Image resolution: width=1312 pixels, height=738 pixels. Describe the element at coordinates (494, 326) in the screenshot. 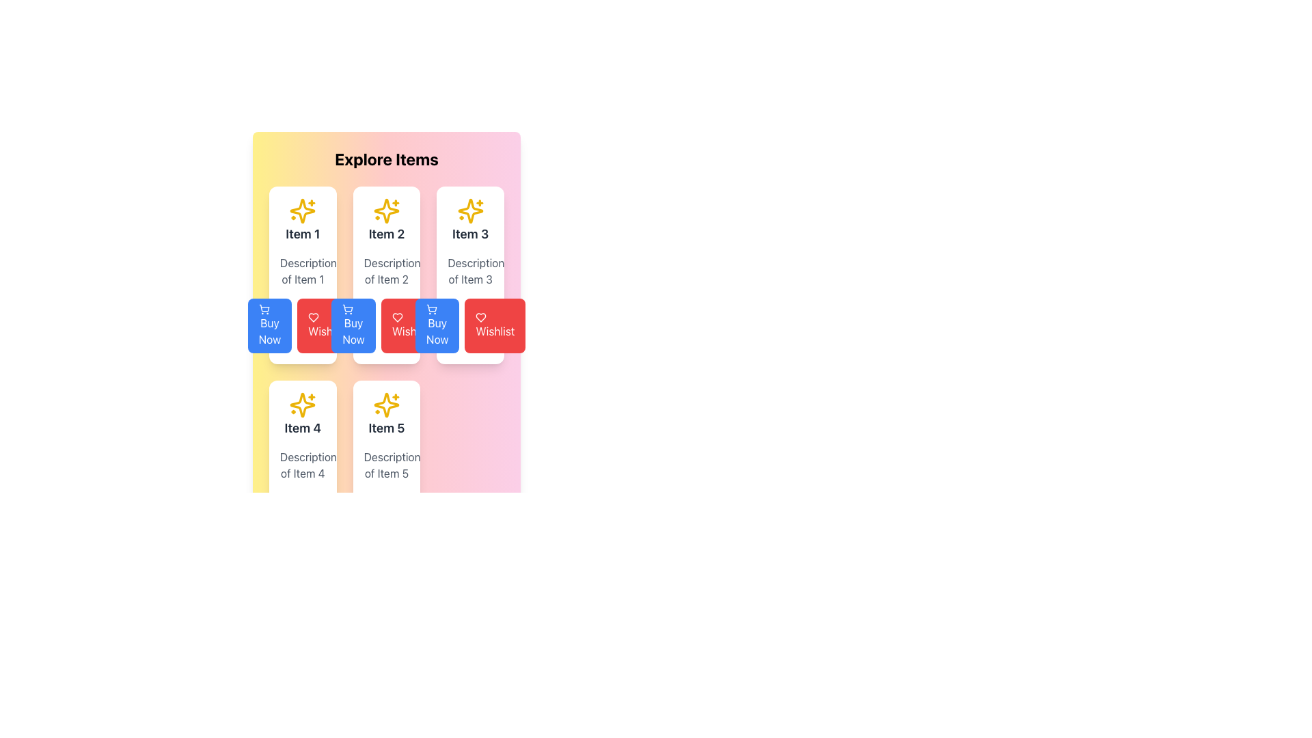

I see `the second button in the group under 'Item 3'` at that location.